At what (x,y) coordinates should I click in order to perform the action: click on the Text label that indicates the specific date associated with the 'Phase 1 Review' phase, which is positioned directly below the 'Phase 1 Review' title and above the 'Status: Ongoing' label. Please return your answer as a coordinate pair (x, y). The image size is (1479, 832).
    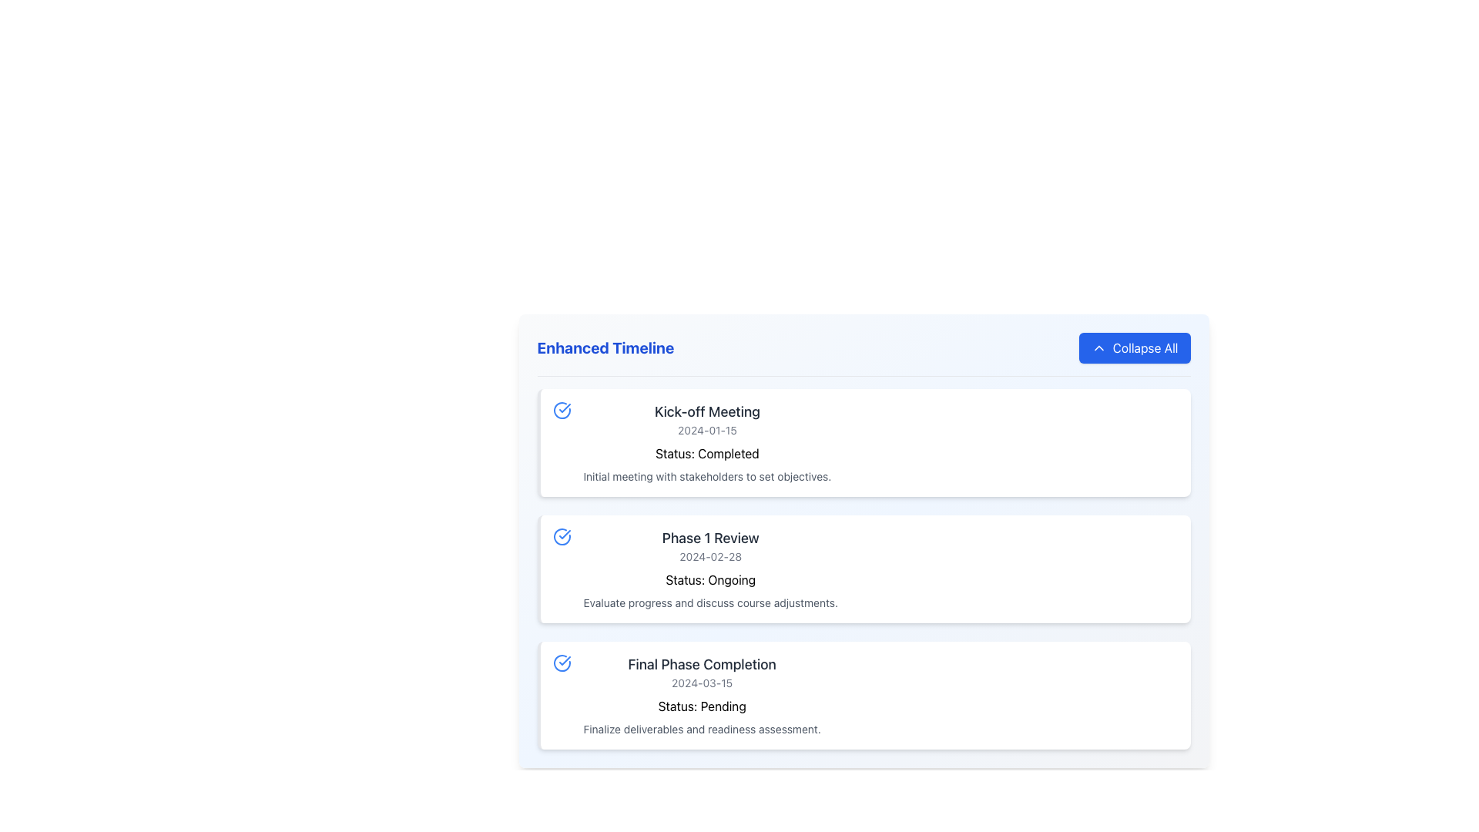
    Looking at the image, I should click on (709, 556).